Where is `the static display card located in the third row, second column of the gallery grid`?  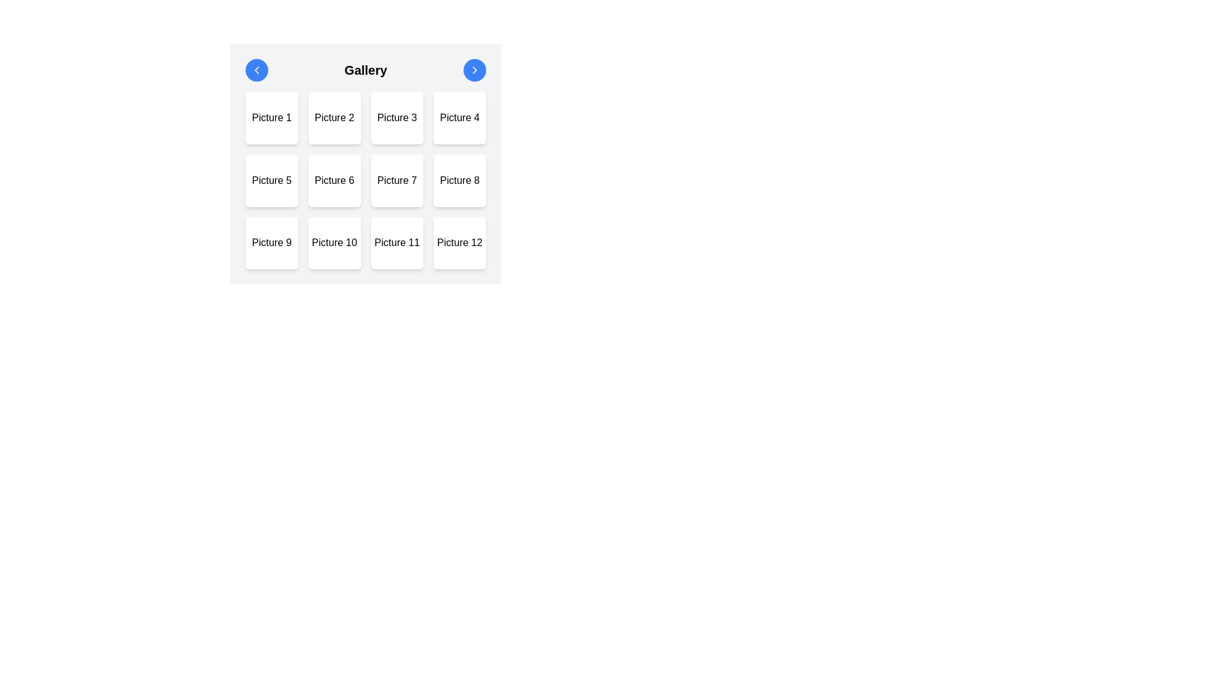
the static display card located in the third row, second column of the gallery grid is located at coordinates (334, 243).